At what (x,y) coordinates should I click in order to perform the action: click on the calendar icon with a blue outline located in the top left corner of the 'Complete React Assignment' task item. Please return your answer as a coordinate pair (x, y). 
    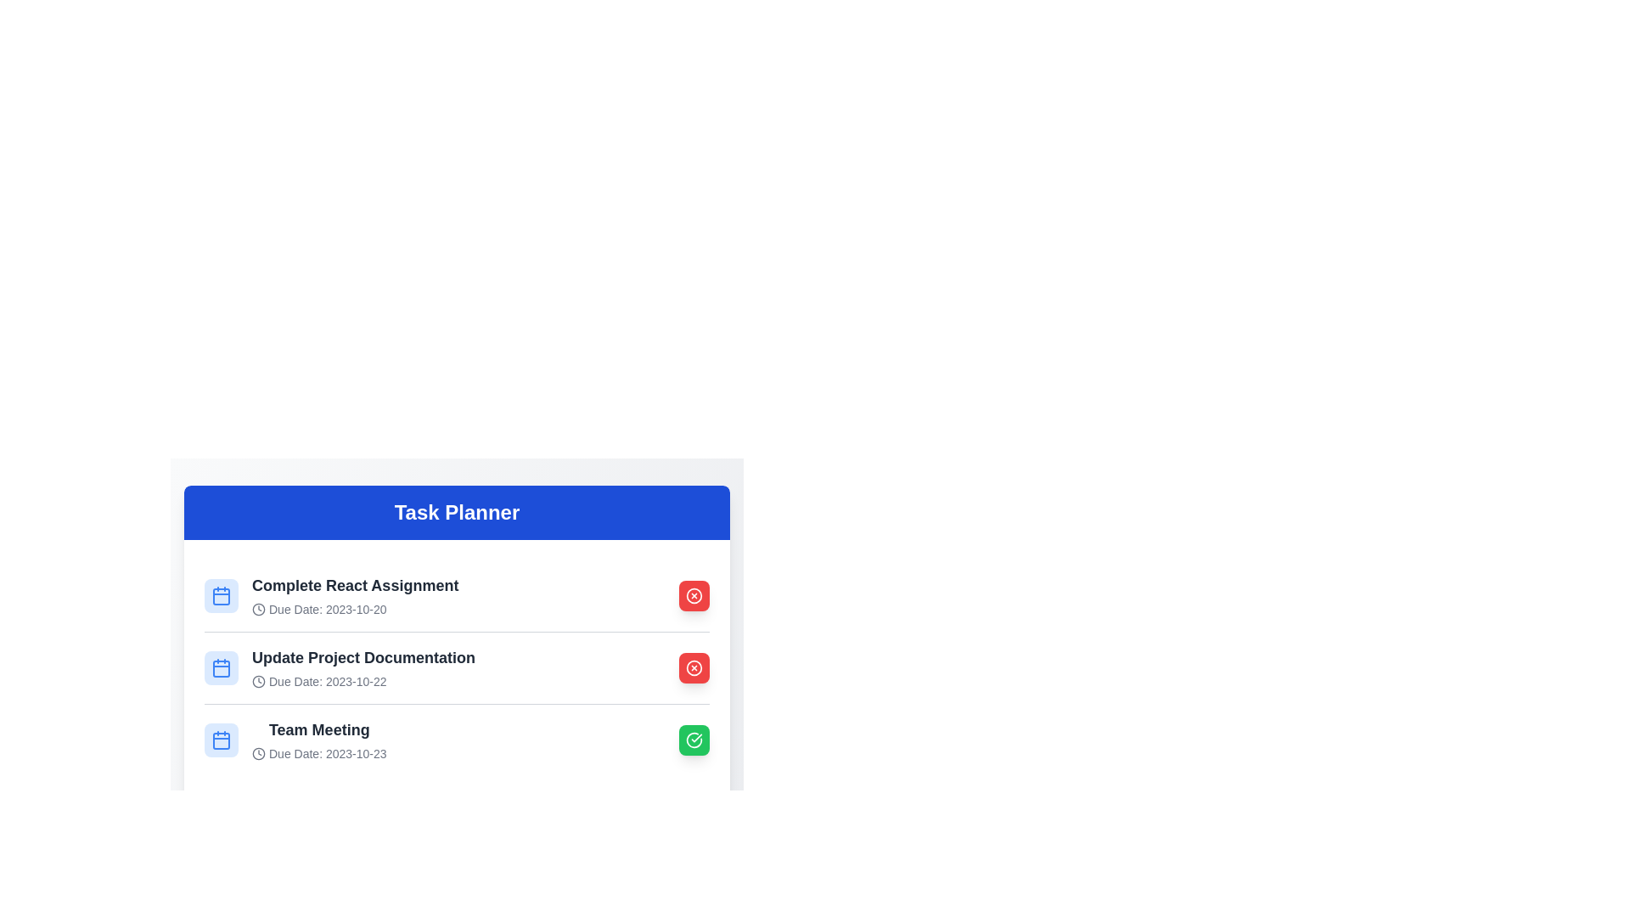
    Looking at the image, I should click on (220, 595).